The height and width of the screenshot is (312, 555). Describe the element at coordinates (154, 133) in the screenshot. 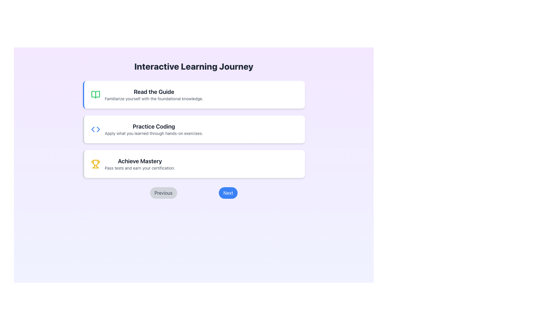

I see `the Text Label that provides supplemental information about the 'Practice Coding' header, which is positioned directly below it` at that location.